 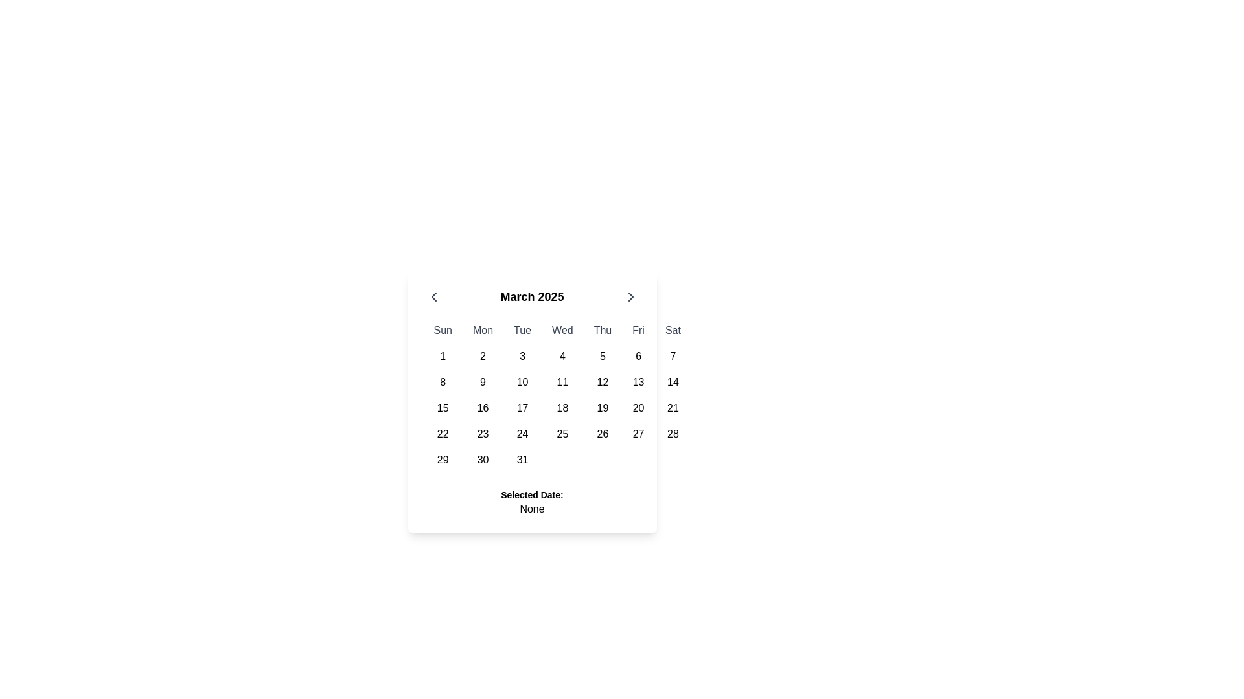 I want to click on the 'Sun' text label, which is the first item in the horizontal list of abbreviated day names at the top of the calendar widget, so click(x=443, y=329).